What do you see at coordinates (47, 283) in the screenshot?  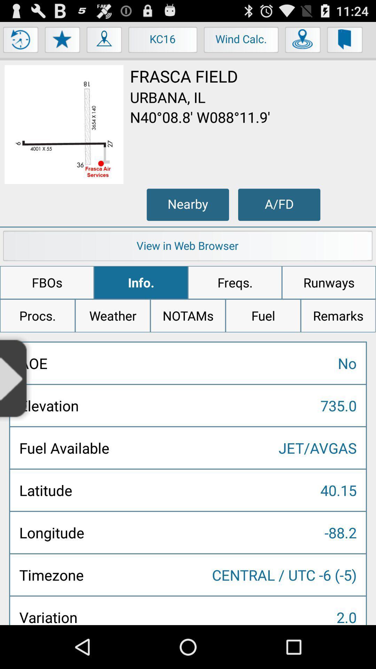 I see `the icon below view in web item` at bounding box center [47, 283].